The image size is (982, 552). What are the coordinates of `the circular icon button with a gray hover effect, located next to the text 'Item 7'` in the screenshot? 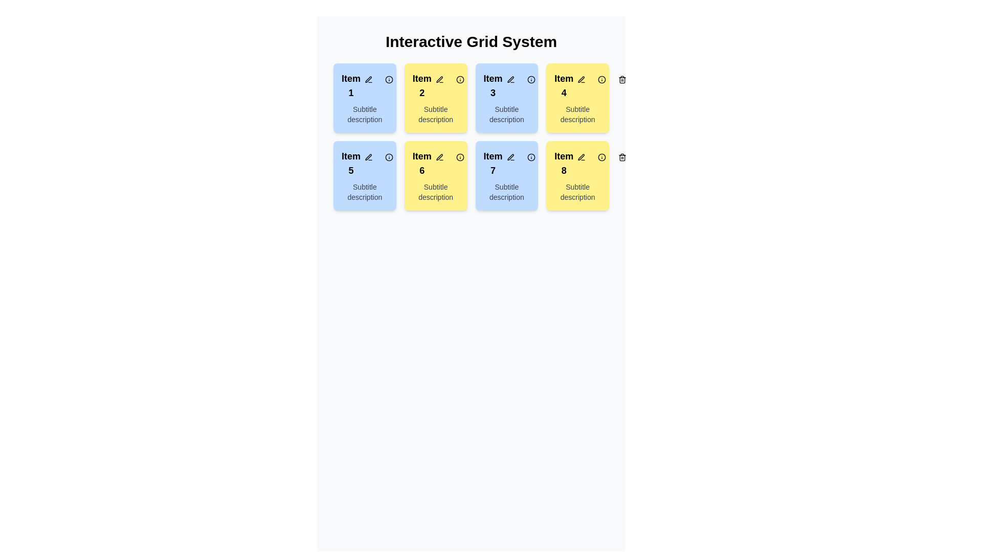 It's located at (531, 157).